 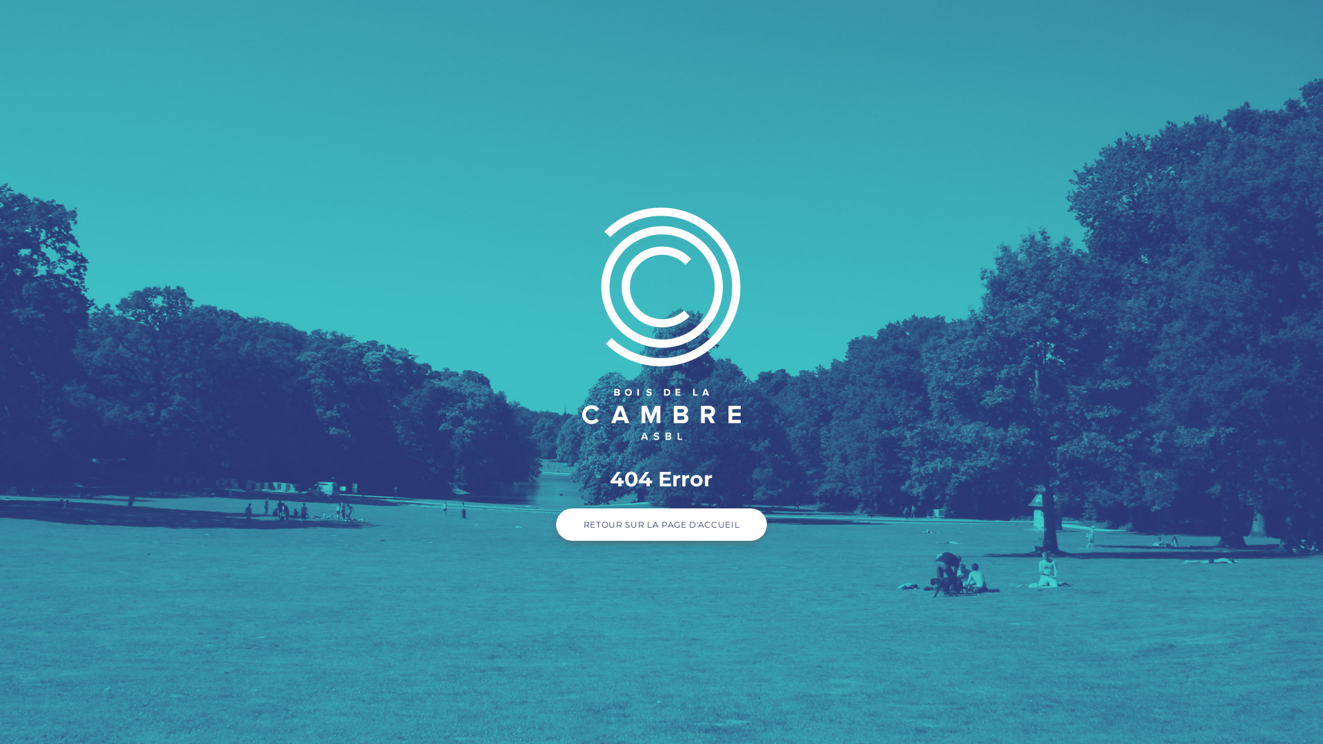 What do you see at coordinates (661, 524) in the screenshot?
I see `'RETOUR SUR LA PAGE D'ACCUEIL'` at bounding box center [661, 524].